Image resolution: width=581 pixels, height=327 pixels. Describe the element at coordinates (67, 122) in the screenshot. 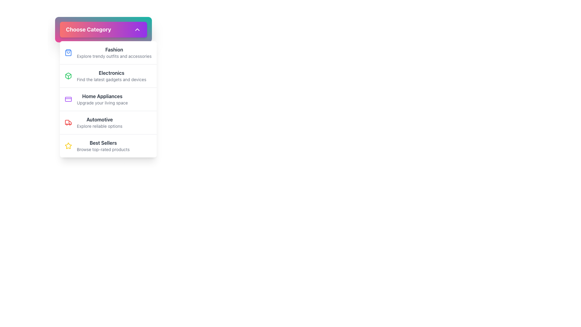

I see `the truck-like icon next to the 'Automotive' text in the 'Choose Category' dropdown` at that location.